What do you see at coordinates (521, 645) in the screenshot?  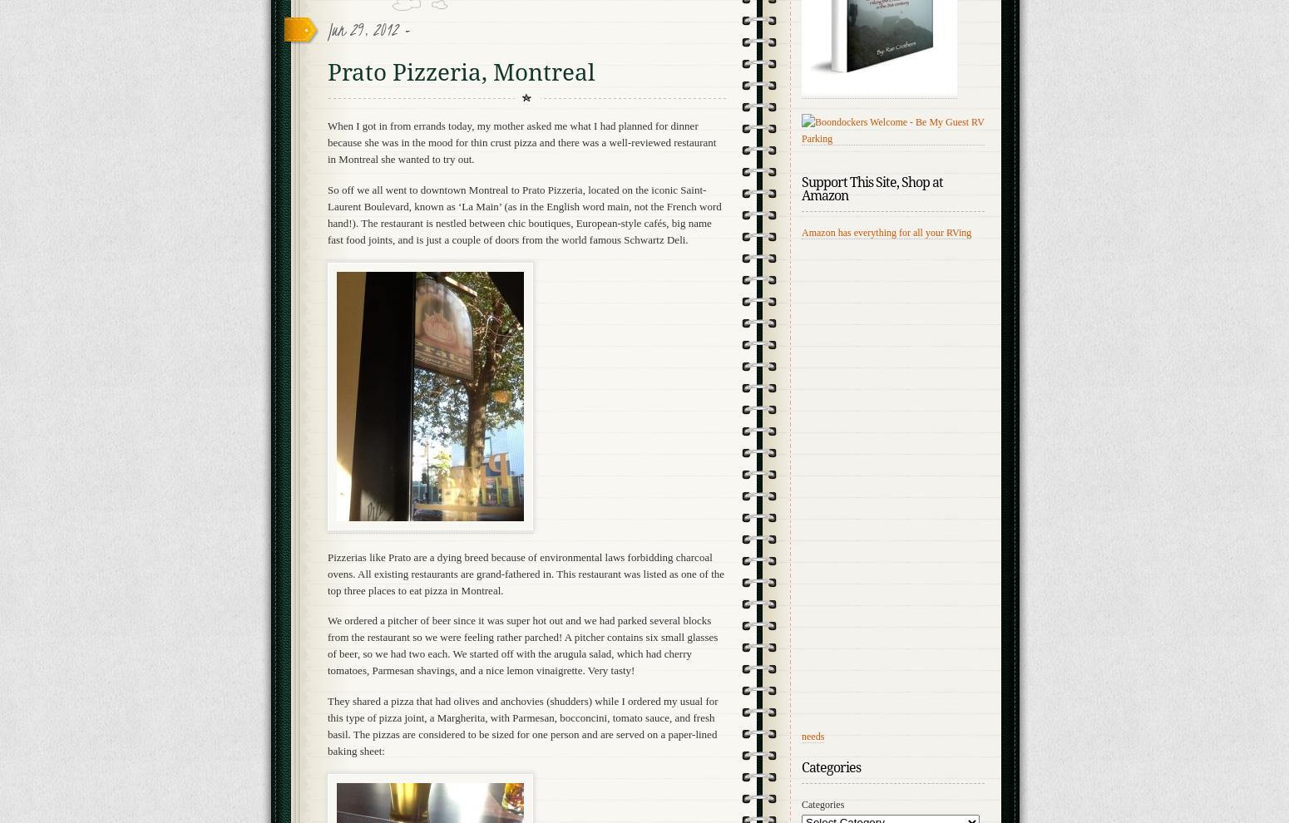 I see `'We ordered a pitcher of beer since it was super hot out and we had parked several blocks from the restaurant so we were feeling rather parched! A pitcher contains six small glasses of beer, so we had two each. We started off with the arugula salad, which had cherry tomatoes, Parmesan shavings, and a nice lemon vinaigrette. Very tasty!'` at bounding box center [521, 645].